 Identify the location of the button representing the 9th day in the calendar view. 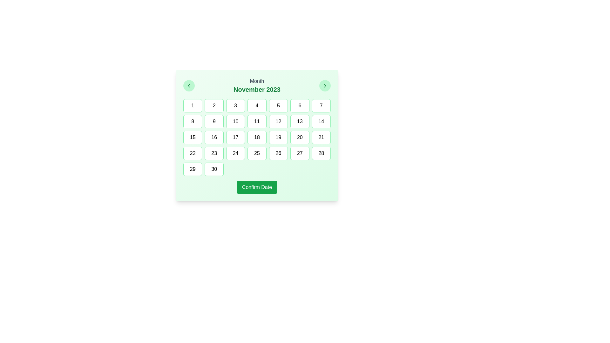
(214, 121).